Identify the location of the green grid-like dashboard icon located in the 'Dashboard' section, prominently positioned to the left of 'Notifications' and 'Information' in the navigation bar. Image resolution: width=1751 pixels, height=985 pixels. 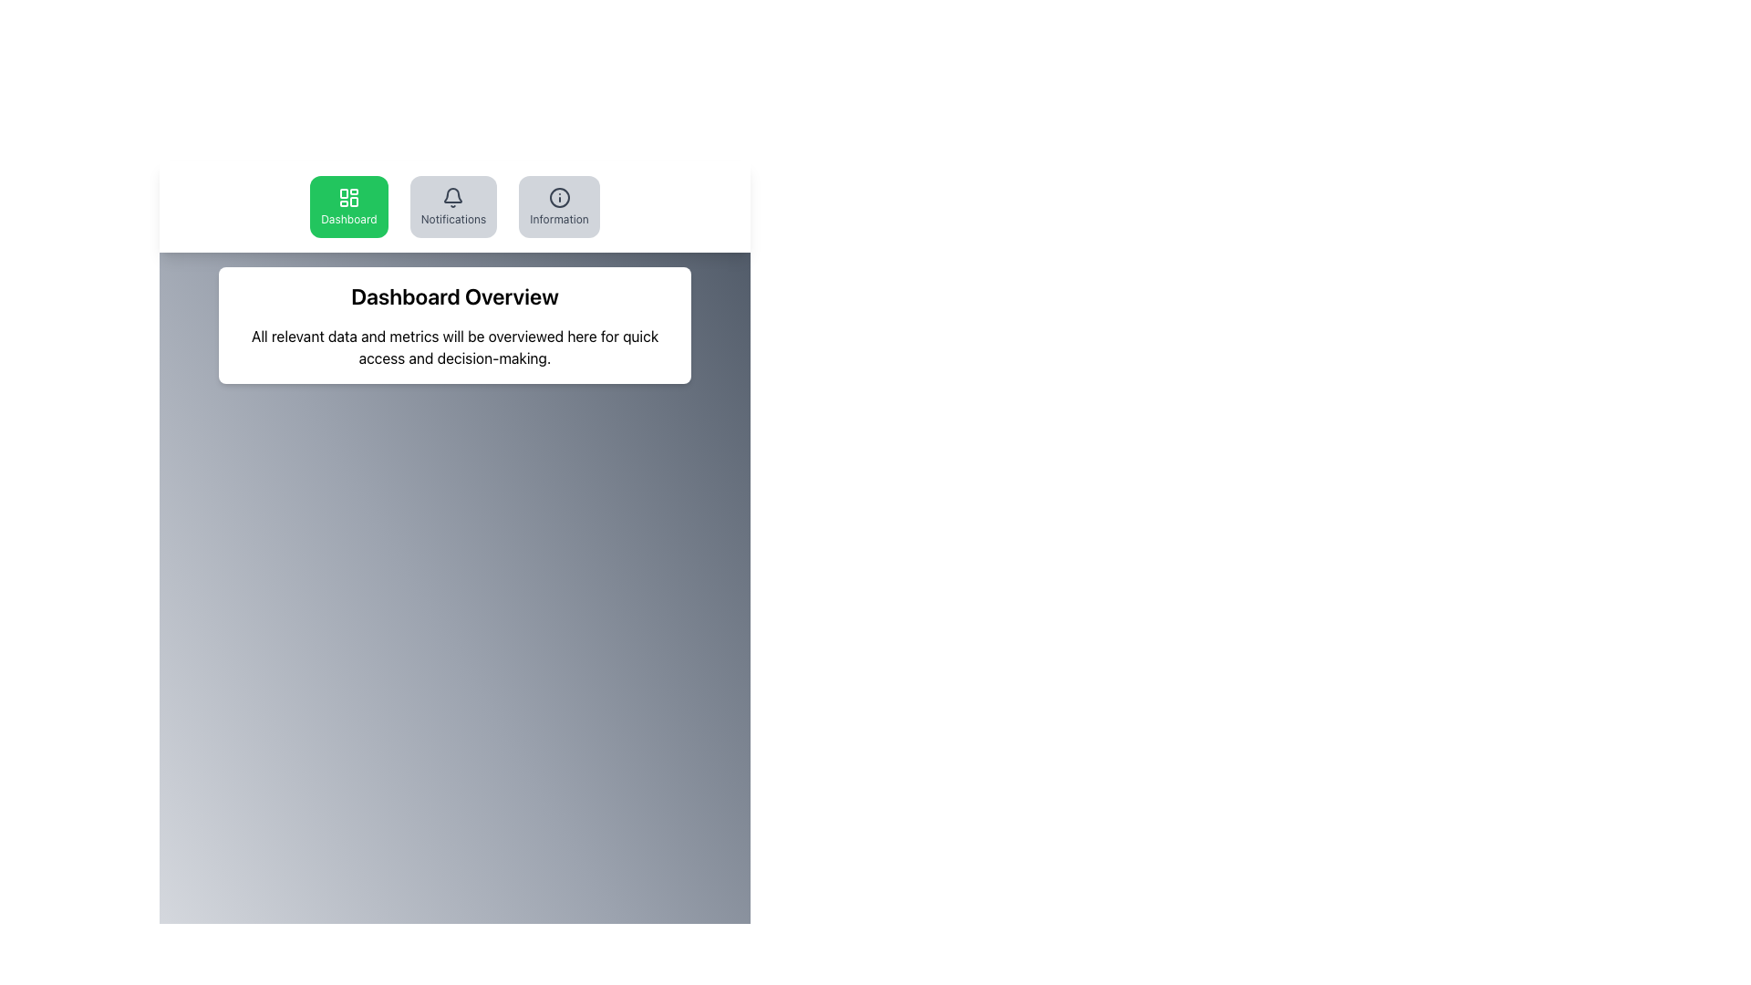
(348, 197).